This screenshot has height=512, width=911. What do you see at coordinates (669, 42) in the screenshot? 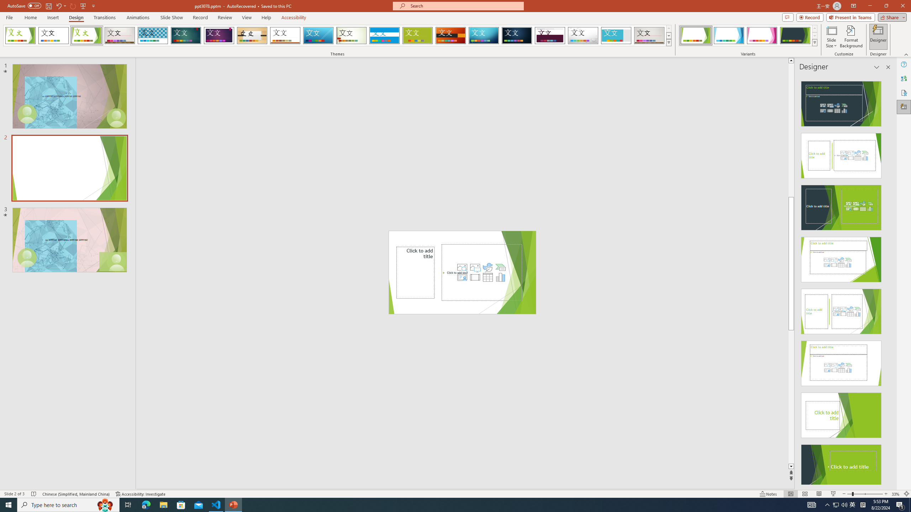
I see `'Themes'` at bounding box center [669, 42].